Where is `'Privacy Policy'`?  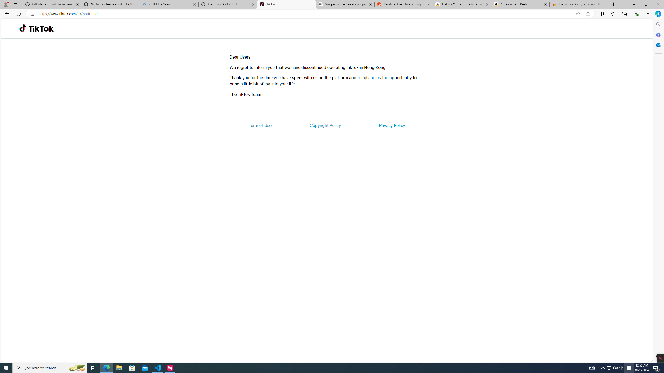
'Privacy Policy' is located at coordinates (391, 125).